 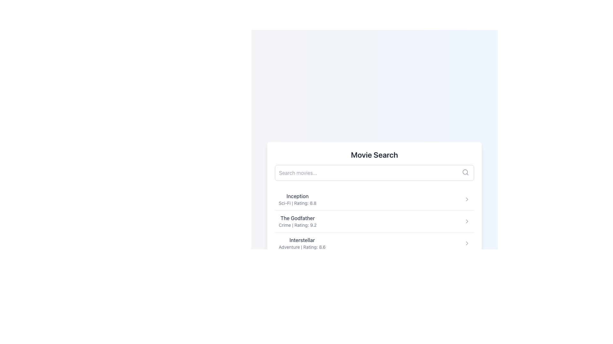 I want to click on the static text field displaying 'Sci-Fi | Rating: 8.8' located below the primary movie title 'Inception', so click(x=297, y=203).